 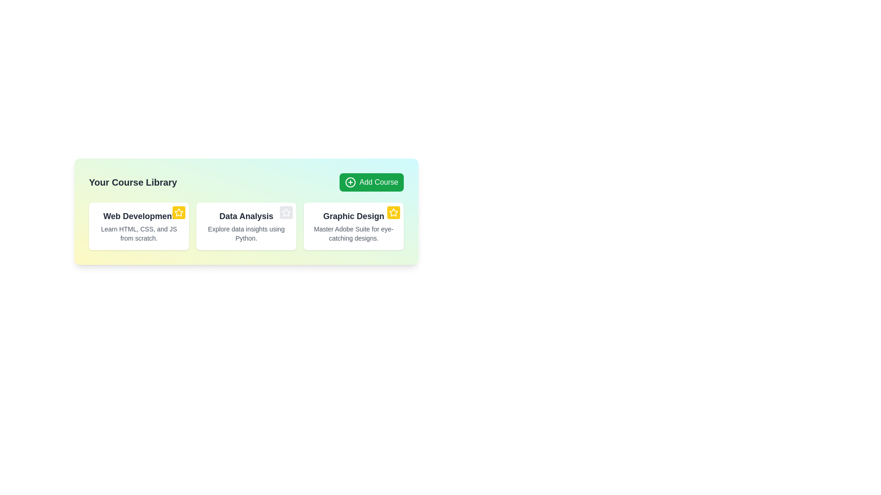 I want to click on the favorite button with a decorative icon located in the top-right corner of the 'Web Development' card to mark or unmark it as favorite, so click(x=178, y=212).